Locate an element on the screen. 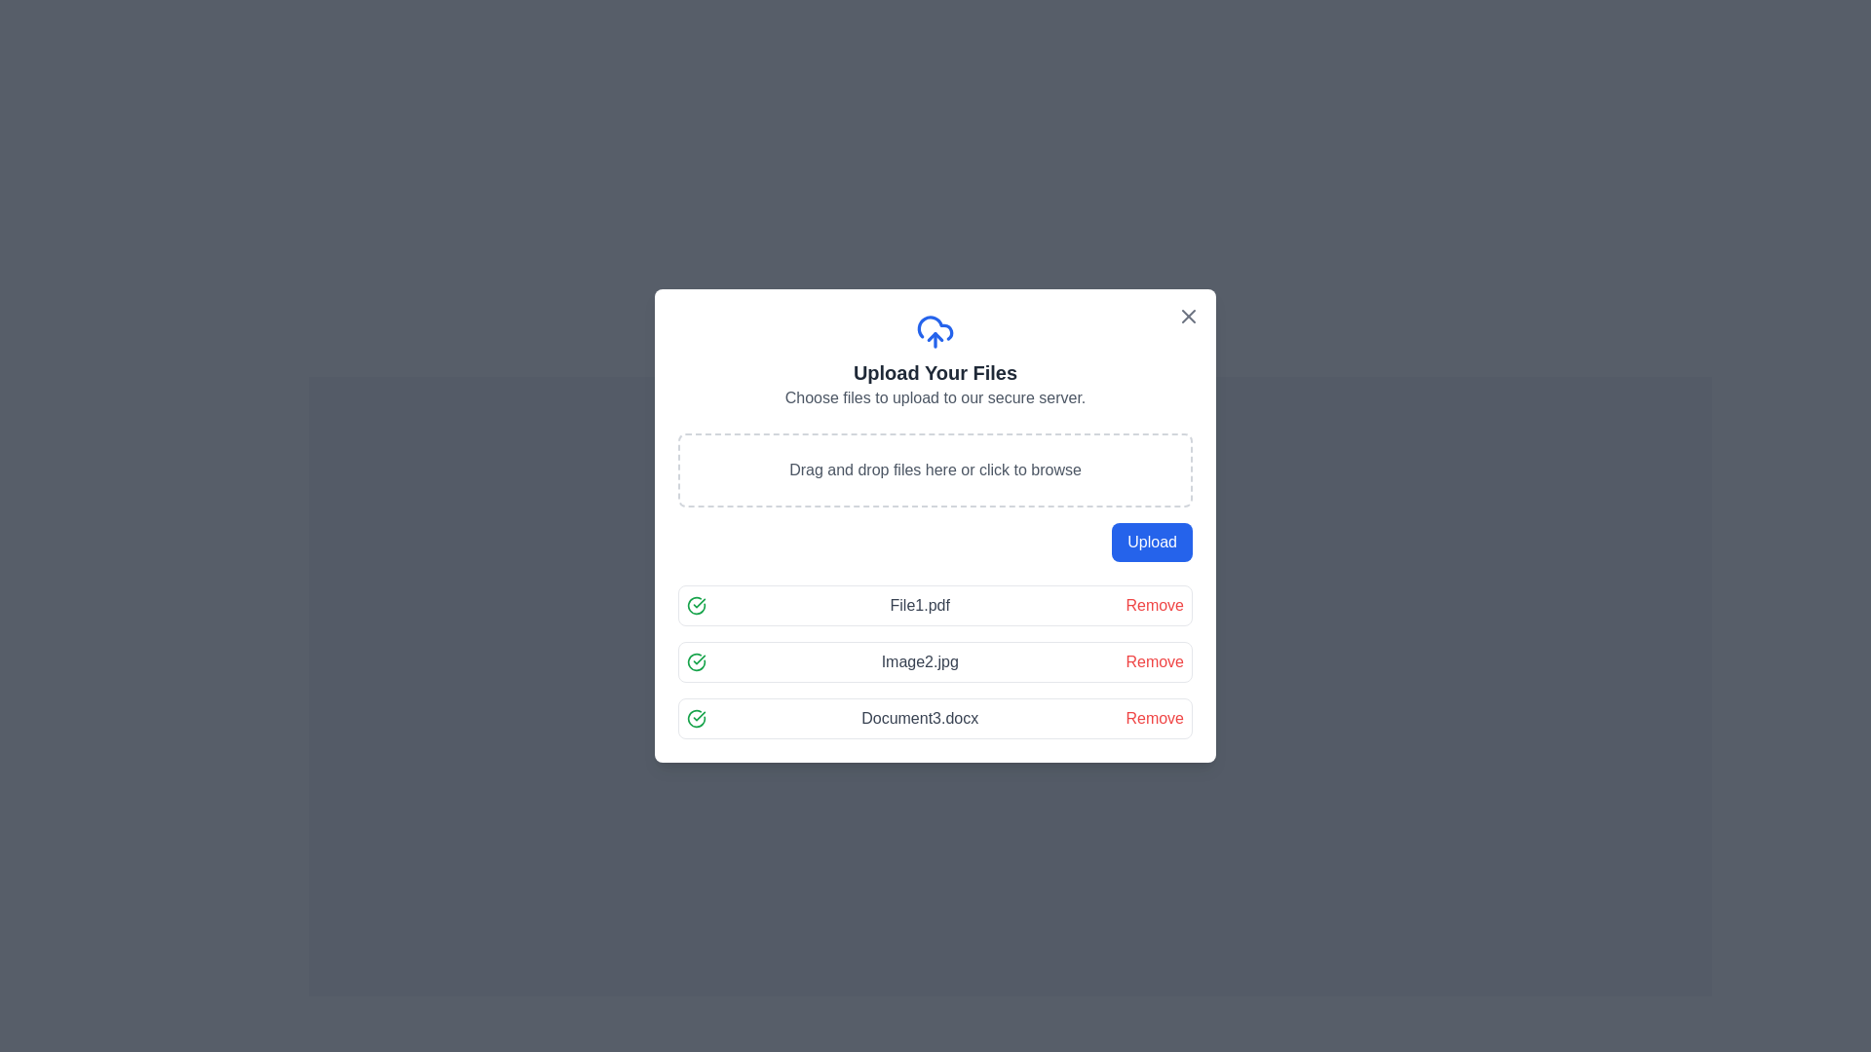  the text label that says 'Choose files to upload to our secure server.', which is styled in gray and located under the heading 'Upload Your Files' in the modal is located at coordinates (935, 396).